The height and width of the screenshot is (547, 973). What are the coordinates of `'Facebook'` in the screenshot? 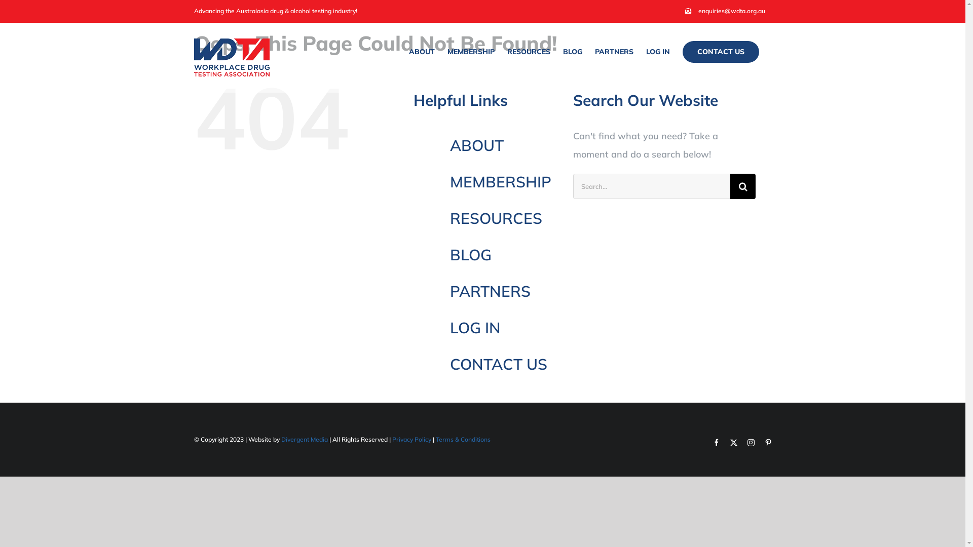 It's located at (715, 442).